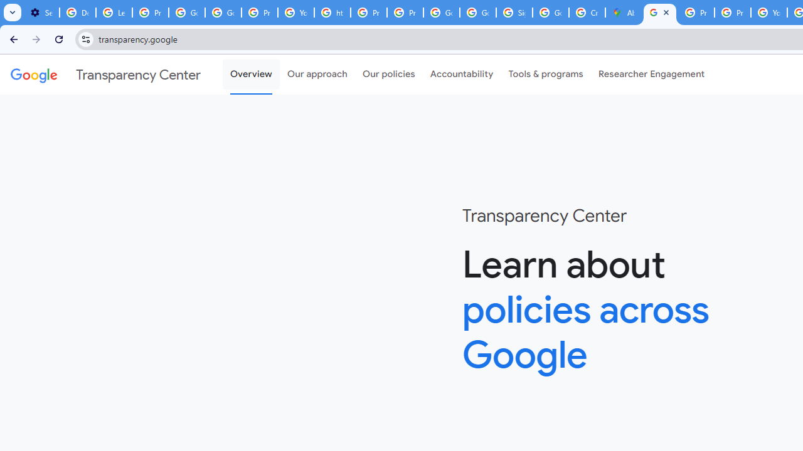 Image resolution: width=803 pixels, height=451 pixels. What do you see at coordinates (587, 13) in the screenshot?
I see `'Create your Google Account'` at bounding box center [587, 13].